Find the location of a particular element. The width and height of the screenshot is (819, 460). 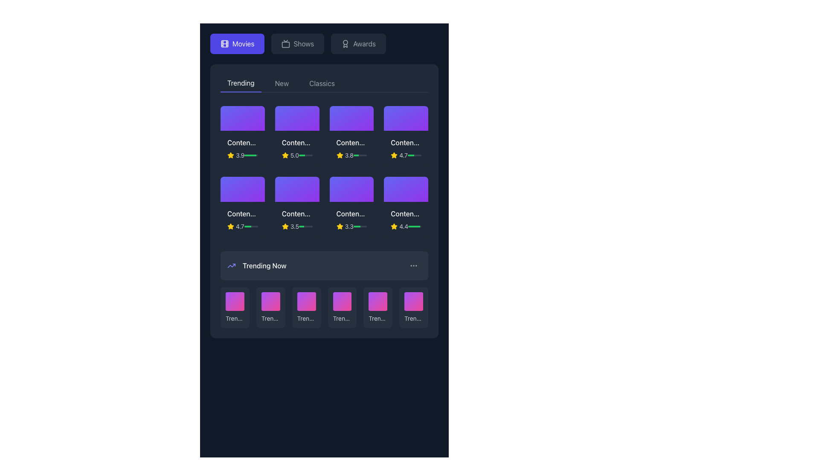

the yellow star-shaped icon representing ratings, located in the second row and third column of the content grid in the 'Trending' section is located at coordinates (285, 226).